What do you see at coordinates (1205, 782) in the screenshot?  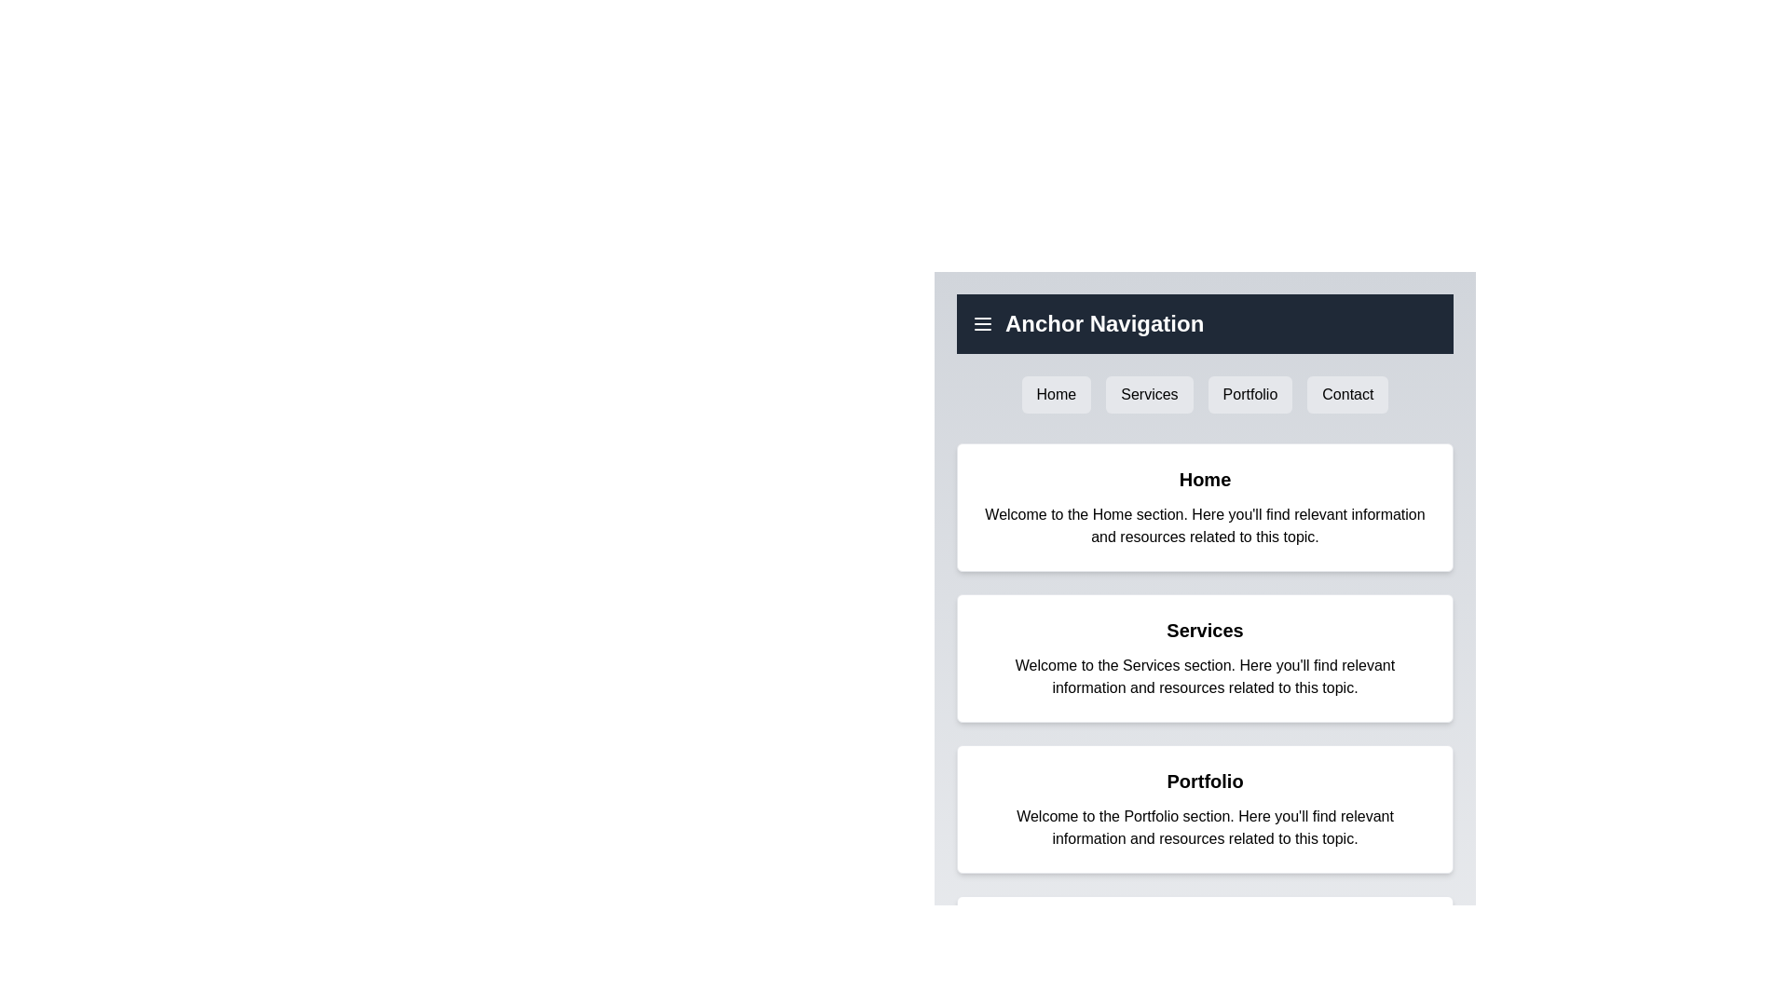 I see `text label that serves as the header for the Portfolio section, positioned at the bottom center of the interface, beneath the 'Services' section` at bounding box center [1205, 782].